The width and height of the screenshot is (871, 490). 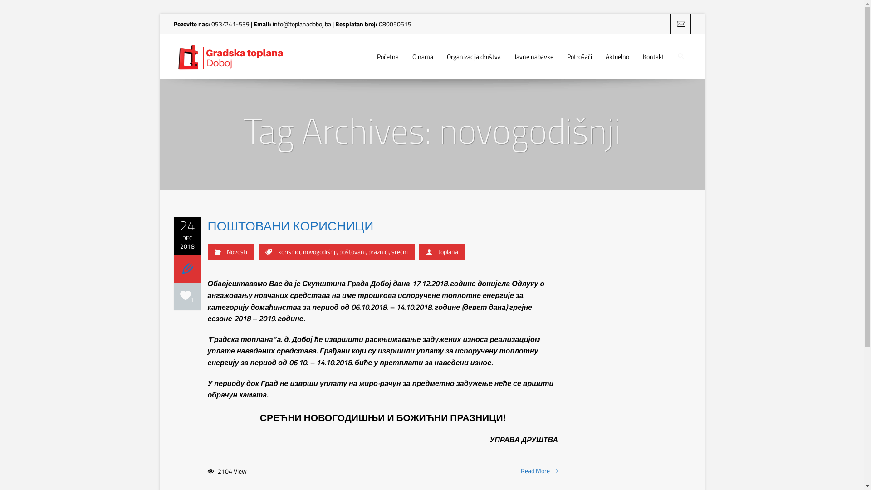 What do you see at coordinates (617, 56) in the screenshot?
I see `'Aktuelno'` at bounding box center [617, 56].